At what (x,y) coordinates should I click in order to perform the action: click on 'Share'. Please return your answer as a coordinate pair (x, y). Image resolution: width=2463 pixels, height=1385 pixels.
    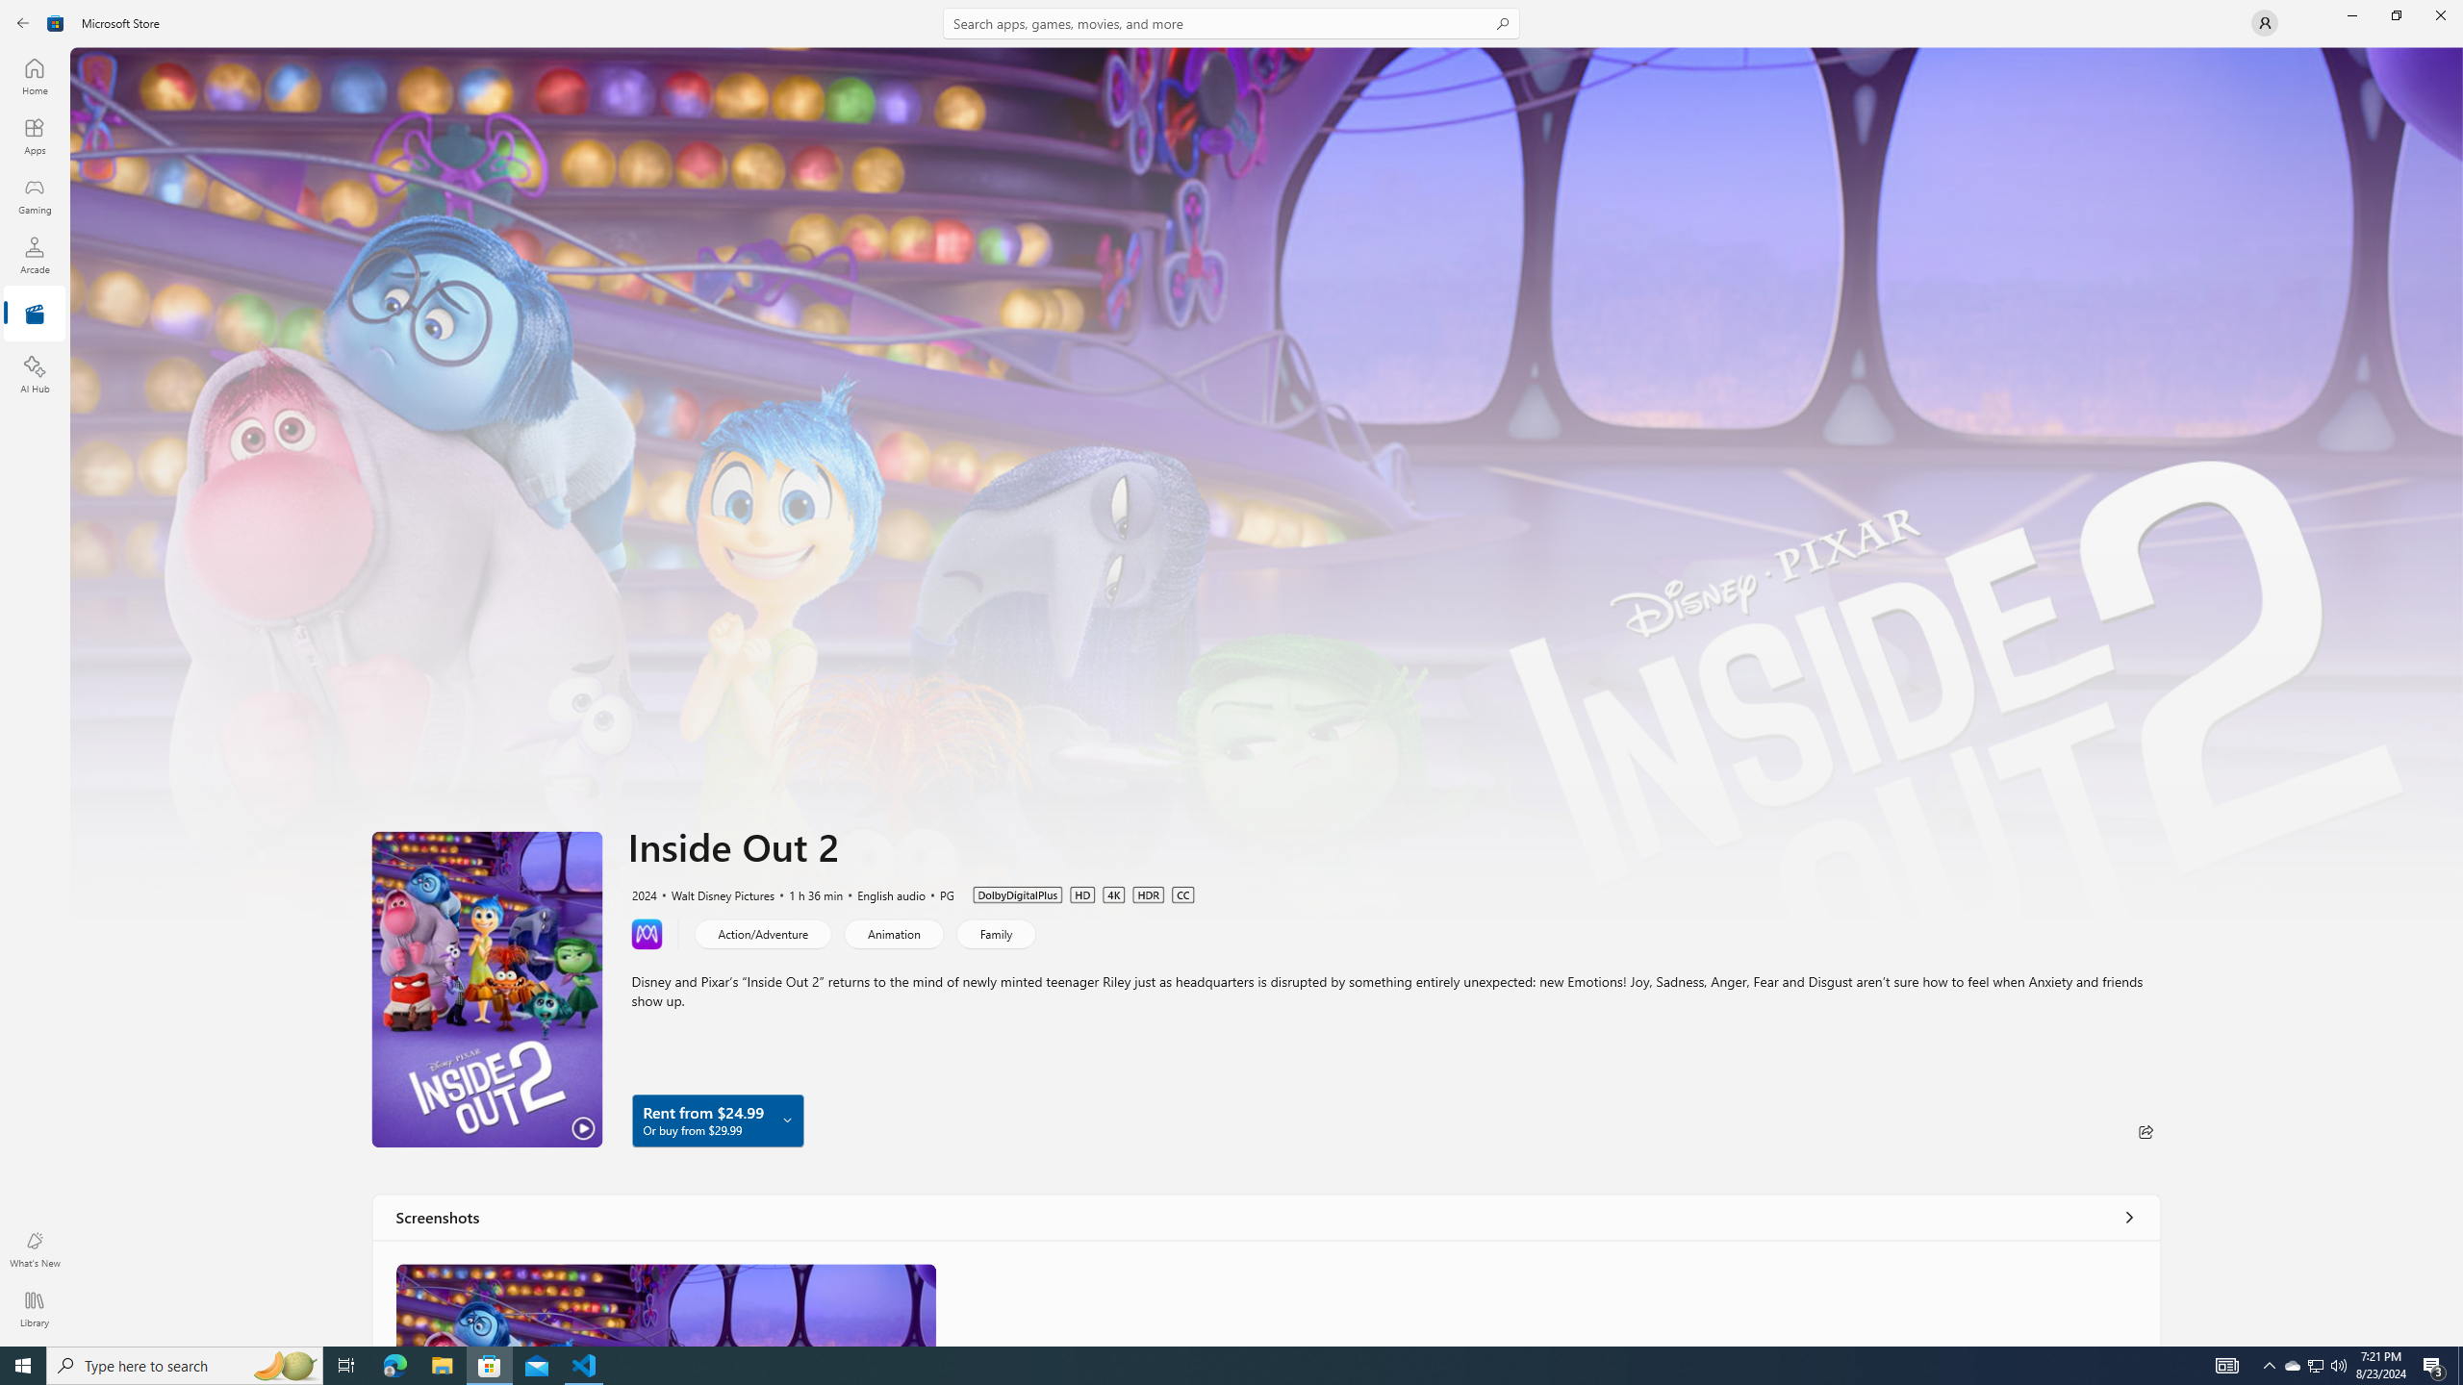
    Looking at the image, I should click on (2145, 1130).